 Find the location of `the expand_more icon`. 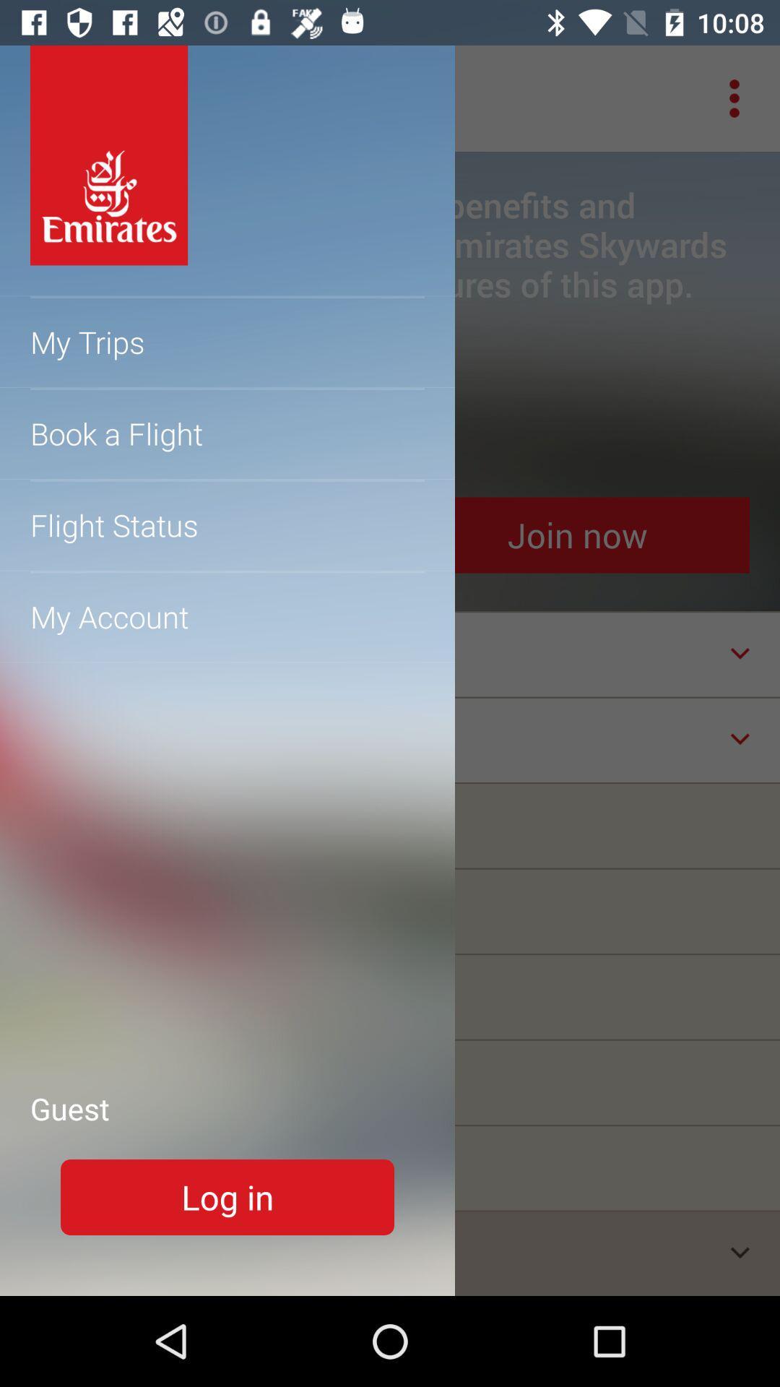

the expand_more icon is located at coordinates (740, 652).